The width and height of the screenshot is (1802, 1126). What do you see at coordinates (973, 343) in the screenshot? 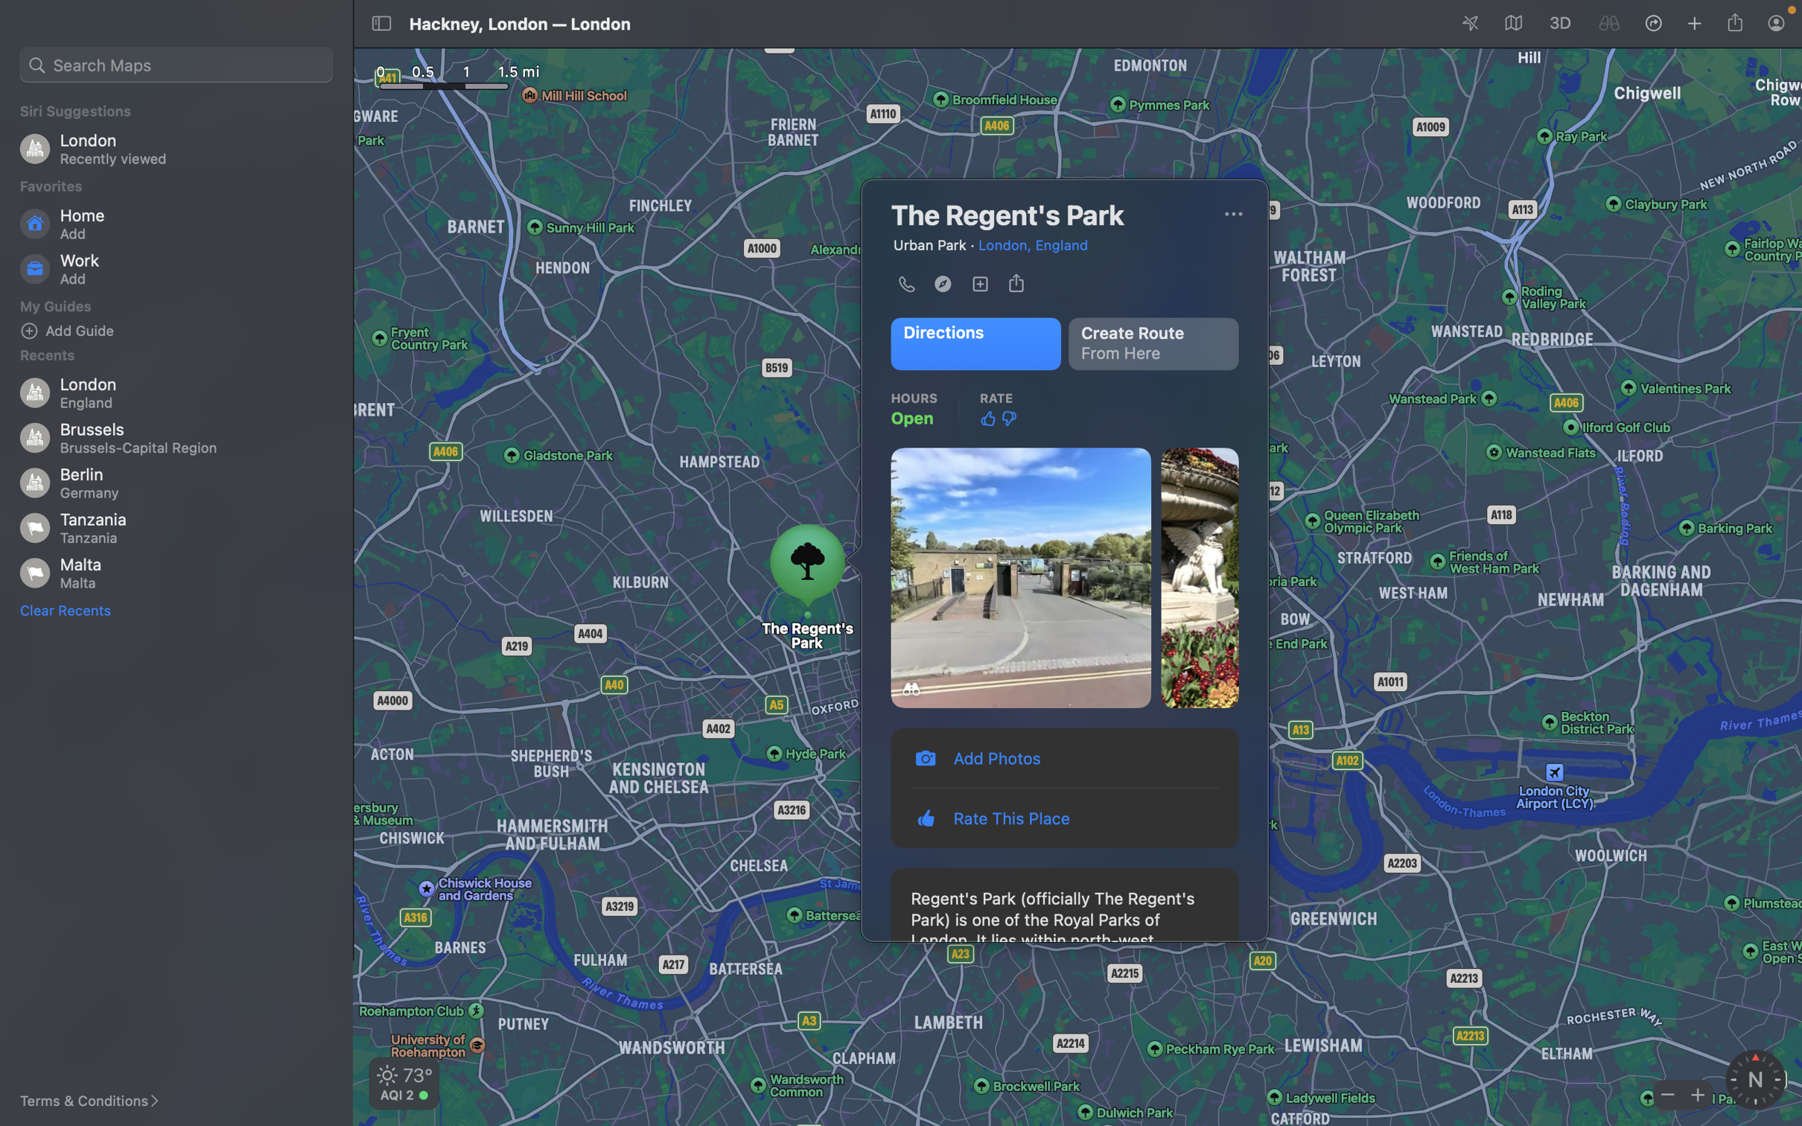
I see `Determine the way to the Regent"s path` at bounding box center [973, 343].